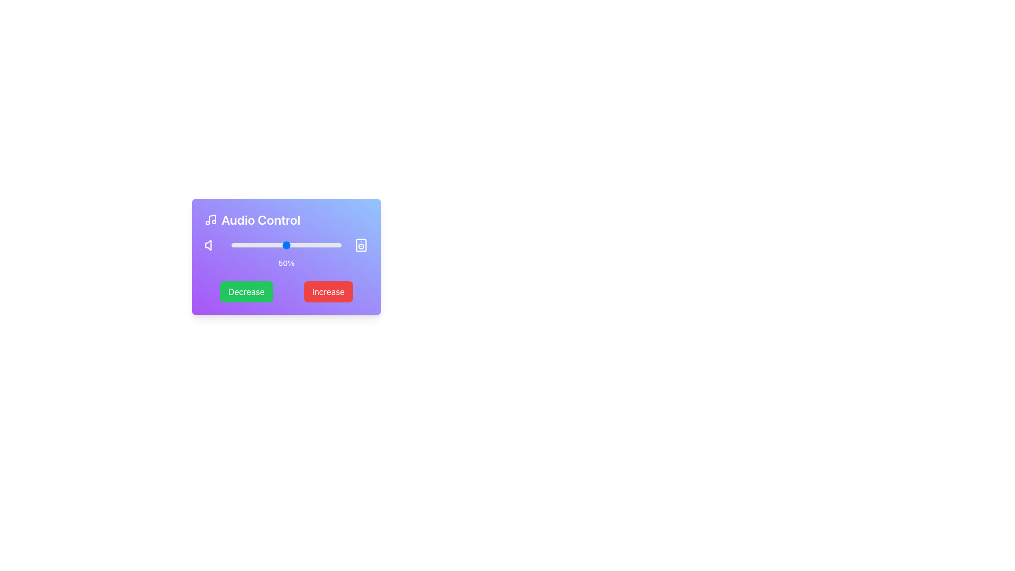 The image size is (1015, 571). I want to click on the slider, so click(337, 245).